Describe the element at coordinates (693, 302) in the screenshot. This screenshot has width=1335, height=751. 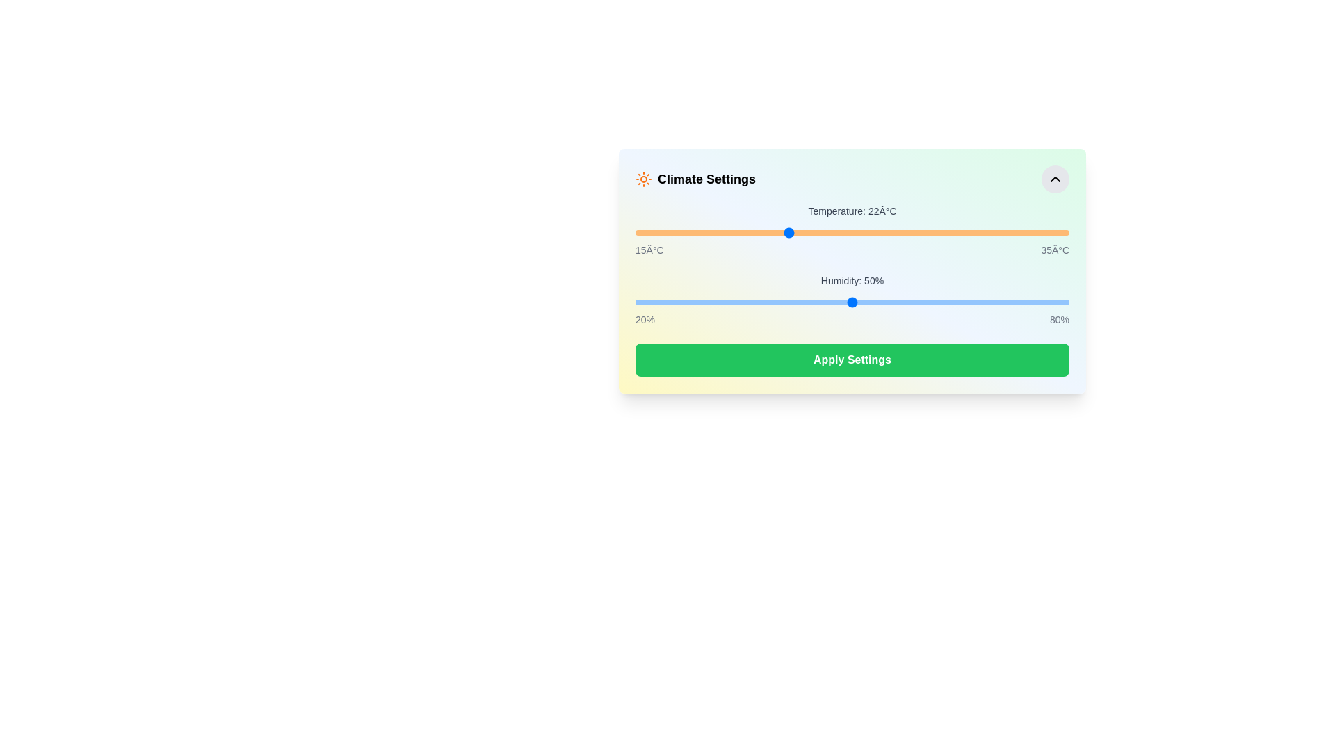
I see `humidity` at that location.